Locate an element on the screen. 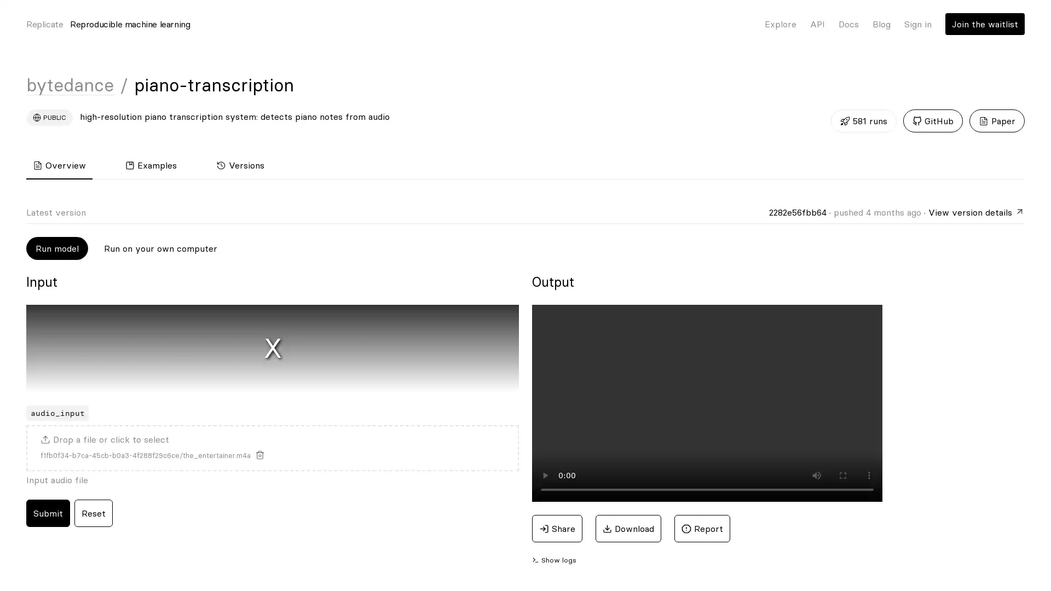  show more media controls is located at coordinates (869, 474).